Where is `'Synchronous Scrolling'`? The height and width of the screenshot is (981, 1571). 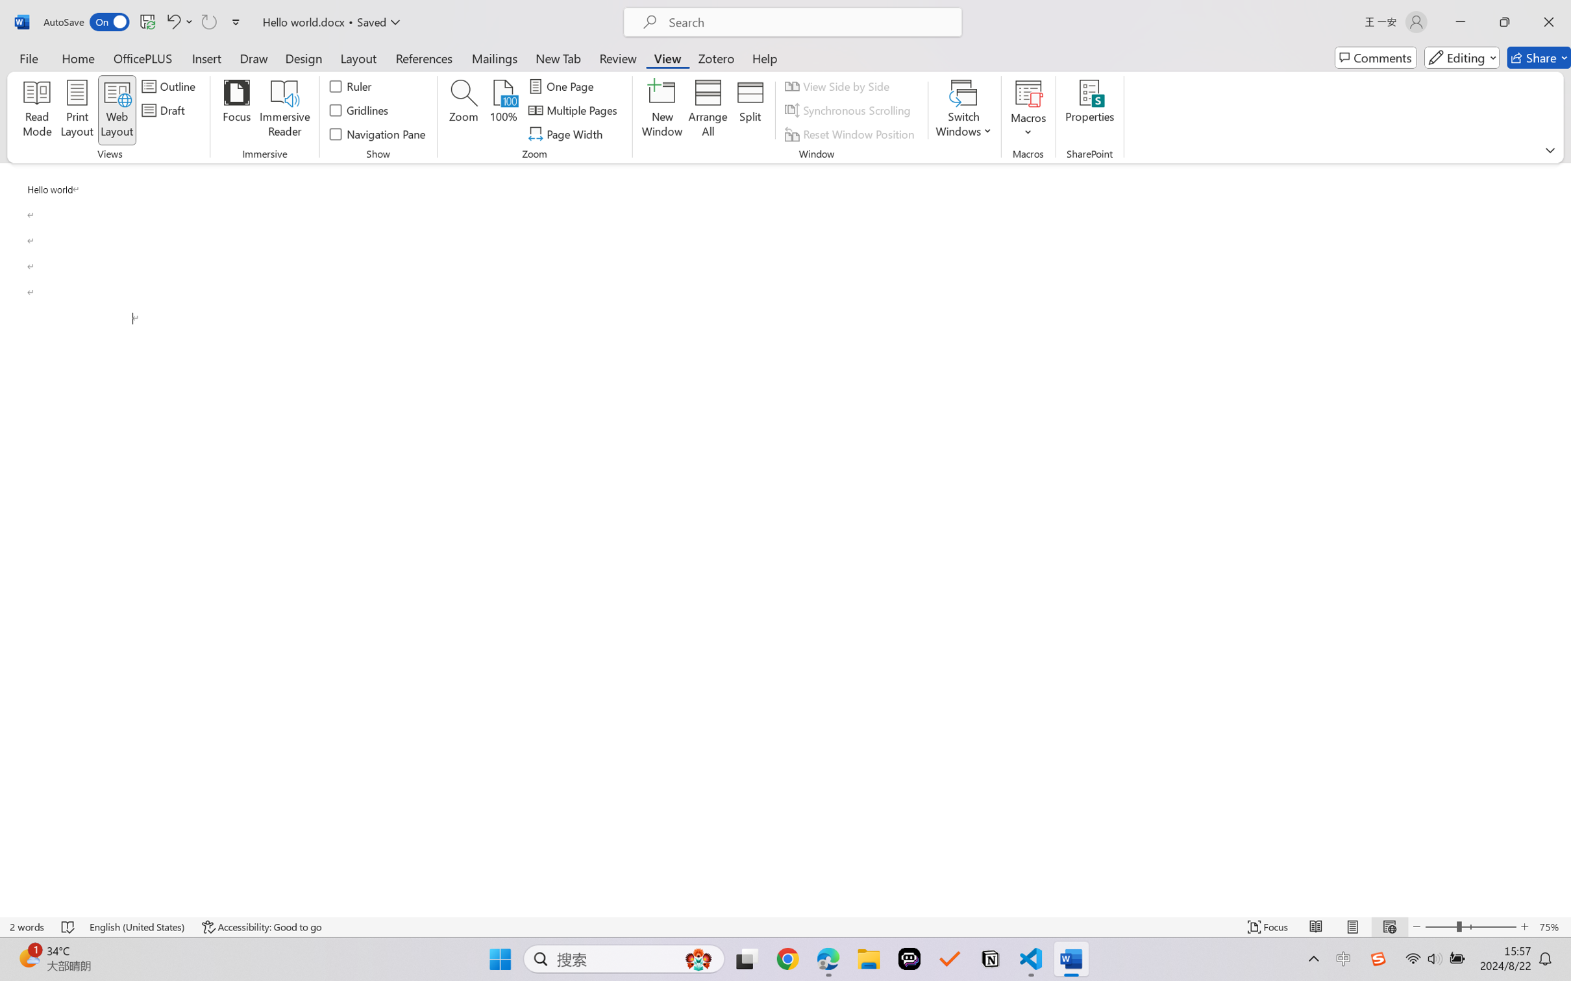
'Synchronous Scrolling' is located at coordinates (848, 110).